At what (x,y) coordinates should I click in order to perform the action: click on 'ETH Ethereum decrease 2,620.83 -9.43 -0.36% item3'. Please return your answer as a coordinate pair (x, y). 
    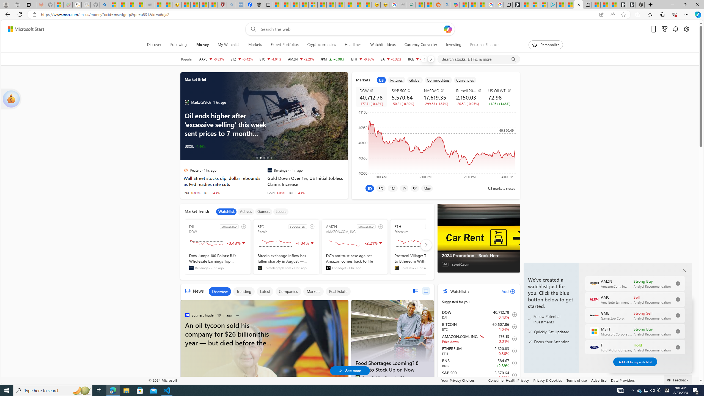
    Looking at the image, I should click on (479, 351).